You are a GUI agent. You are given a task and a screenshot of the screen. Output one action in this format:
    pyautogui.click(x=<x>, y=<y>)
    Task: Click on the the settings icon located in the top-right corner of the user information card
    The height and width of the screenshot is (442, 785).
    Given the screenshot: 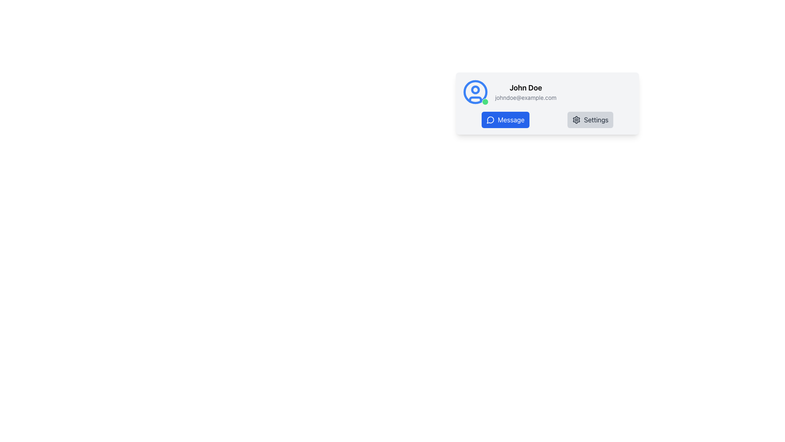 What is the action you would take?
    pyautogui.click(x=576, y=120)
    